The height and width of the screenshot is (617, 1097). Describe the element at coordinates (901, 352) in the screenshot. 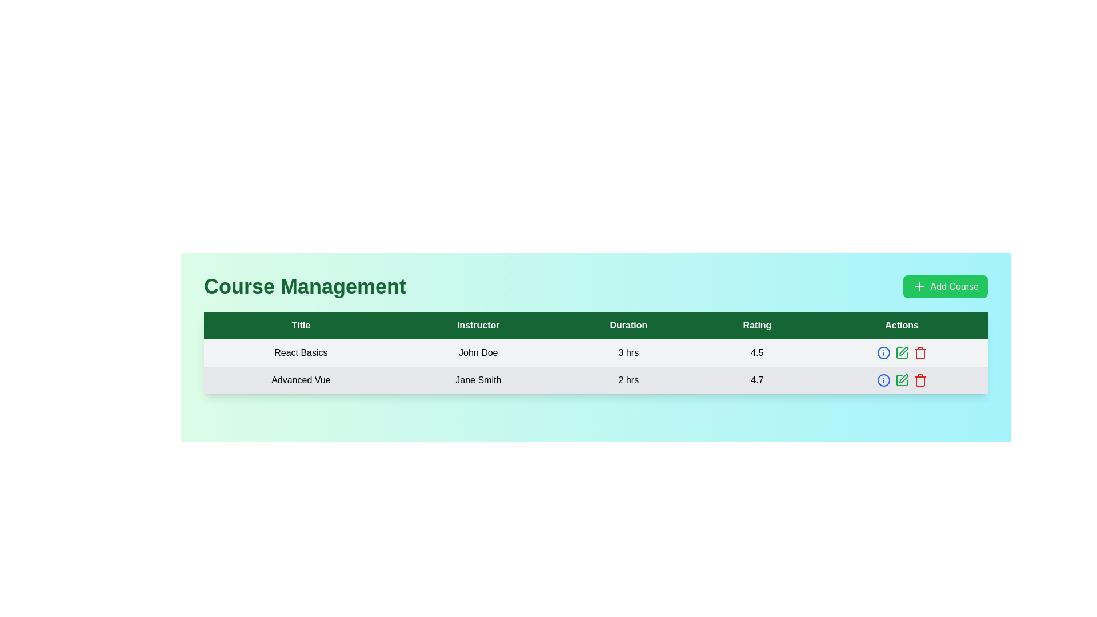

I see `the edit icon located in the second row of the 'Actions' column` at that location.